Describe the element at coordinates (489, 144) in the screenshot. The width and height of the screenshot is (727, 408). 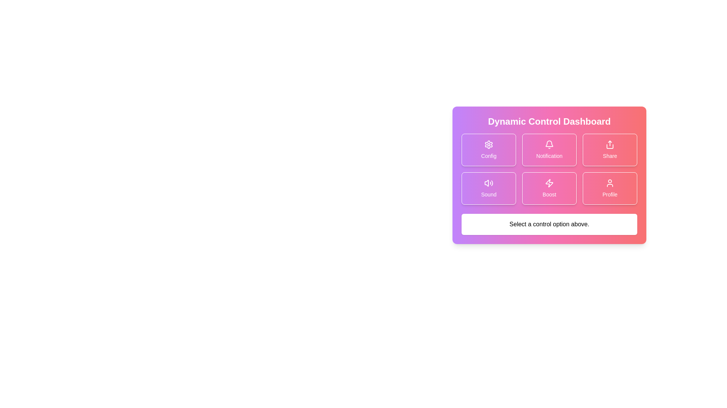
I see `the configuration settings icon located at the top-left corner of the options grid` at that location.